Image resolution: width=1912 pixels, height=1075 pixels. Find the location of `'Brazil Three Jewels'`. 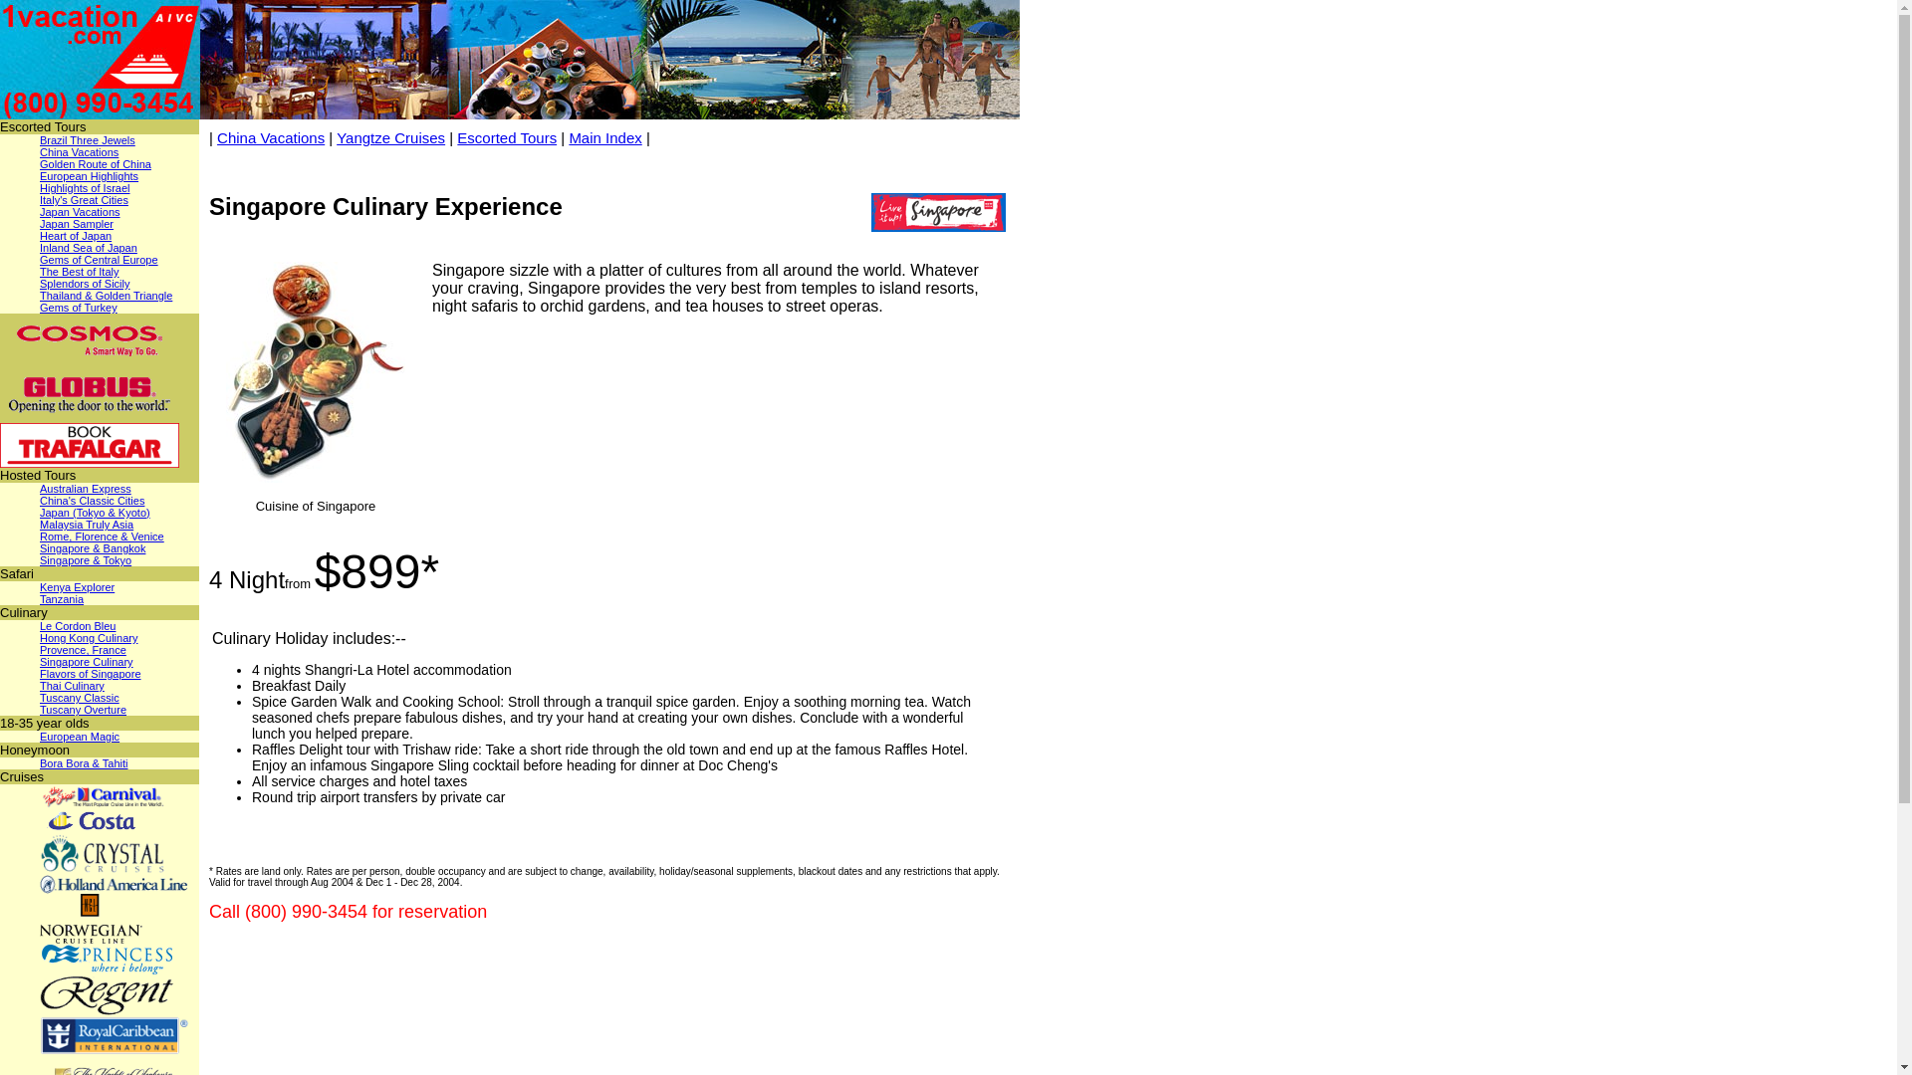

'Brazil Three Jewels' is located at coordinates (86, 139).